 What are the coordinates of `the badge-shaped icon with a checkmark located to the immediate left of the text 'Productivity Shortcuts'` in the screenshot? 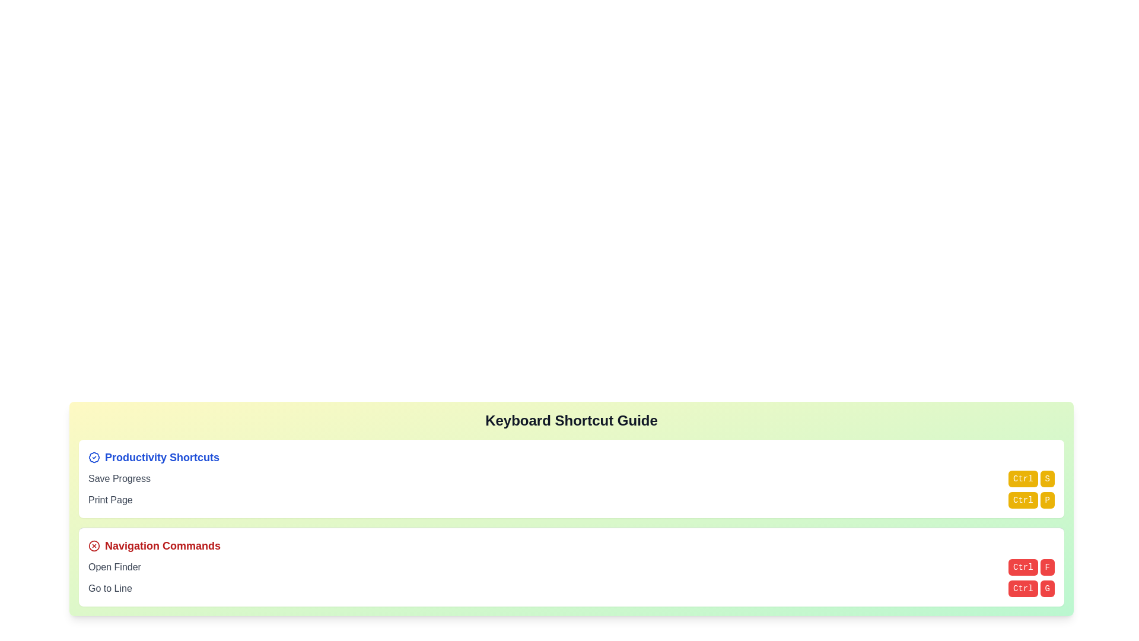 It's located at (93, 457).